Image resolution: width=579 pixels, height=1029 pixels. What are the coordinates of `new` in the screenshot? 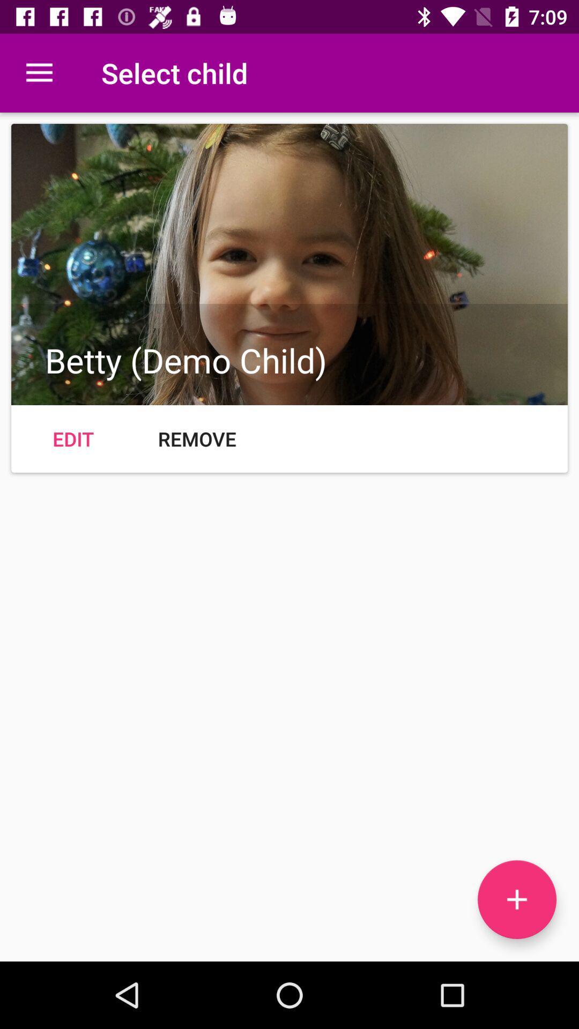 It's located at (516, 899).